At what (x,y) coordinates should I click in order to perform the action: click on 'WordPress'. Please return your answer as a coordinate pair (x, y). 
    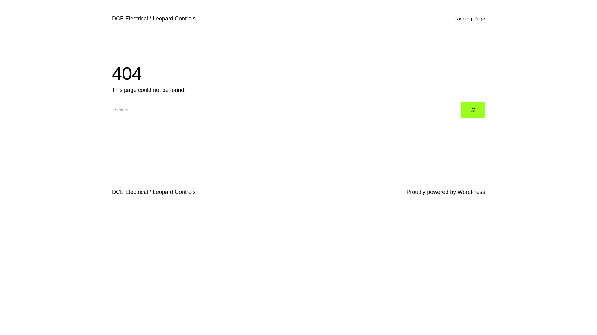
    Looking at the image, I should click on (471, 191).